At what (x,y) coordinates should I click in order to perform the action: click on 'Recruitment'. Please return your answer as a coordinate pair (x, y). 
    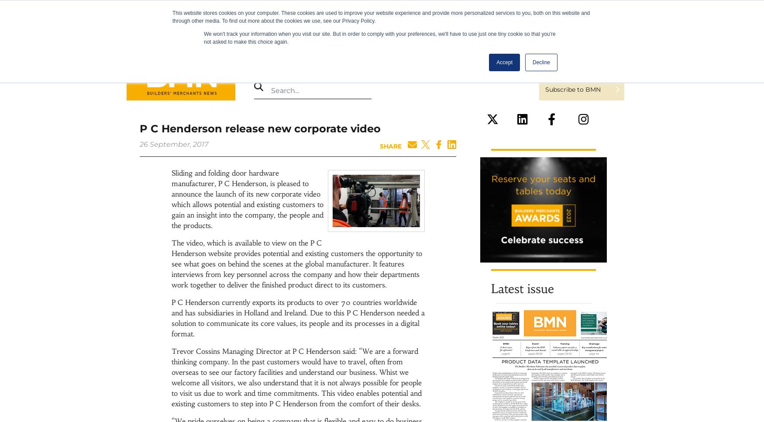
    Looking at the image, I should click on (408, 65).